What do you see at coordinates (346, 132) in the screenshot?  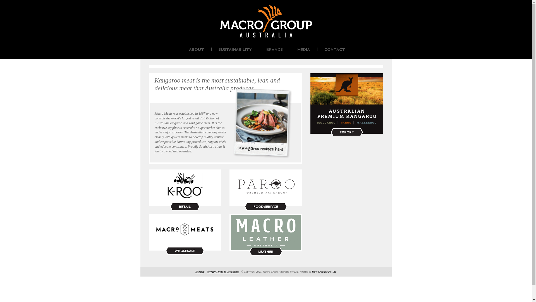 I see `'EXPORT'` at bounding box center [346, 132].